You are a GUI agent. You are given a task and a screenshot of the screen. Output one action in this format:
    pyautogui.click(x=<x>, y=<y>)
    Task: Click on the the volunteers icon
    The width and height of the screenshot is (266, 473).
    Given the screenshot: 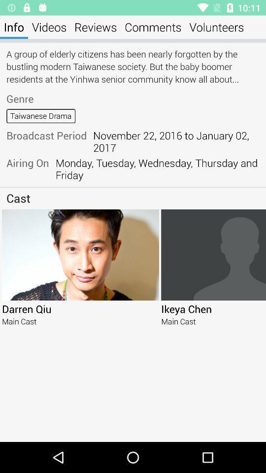 What is the action you would take?
    pyautogui.click(x=216, y=27)
    